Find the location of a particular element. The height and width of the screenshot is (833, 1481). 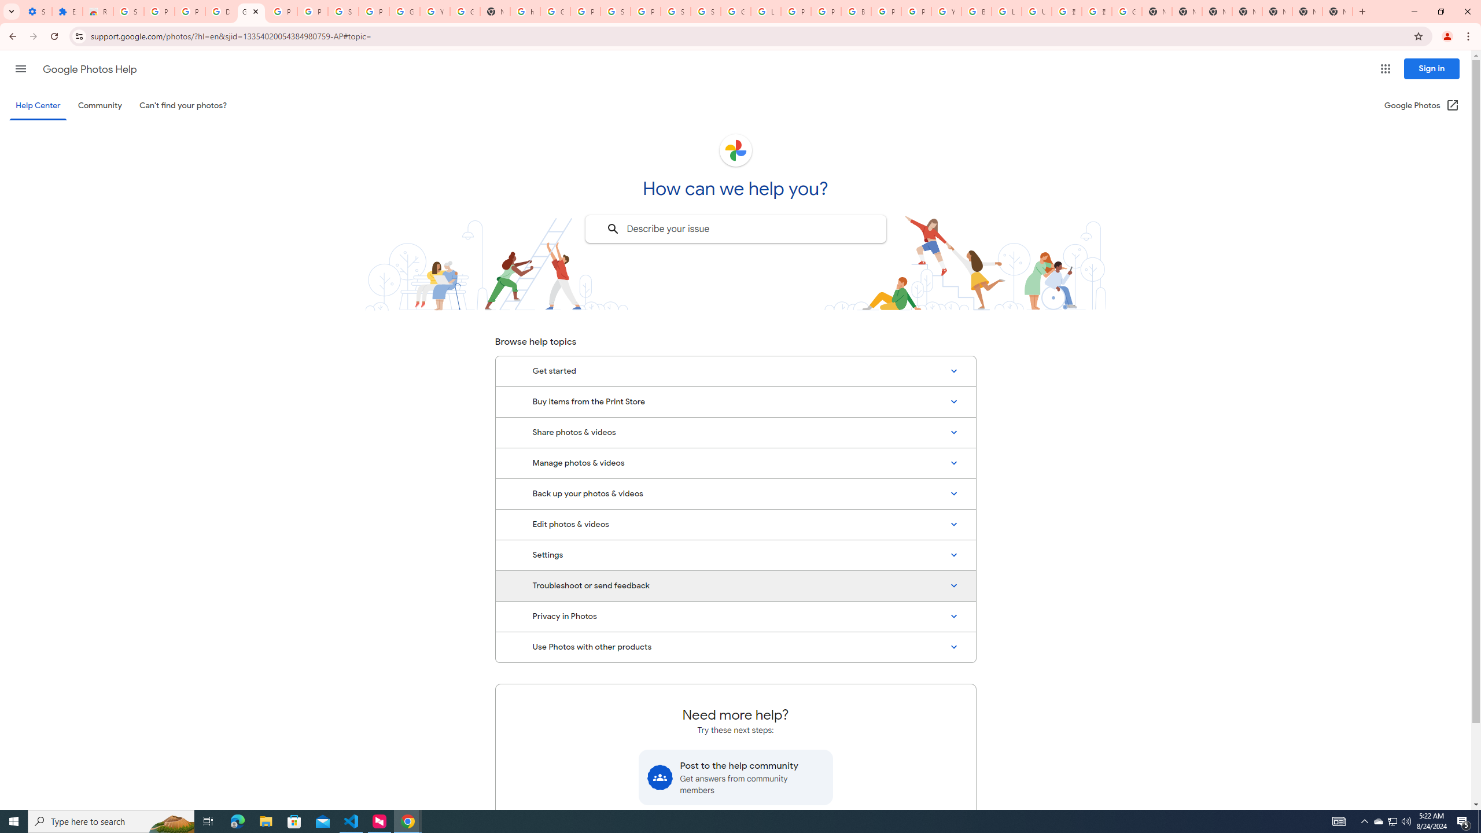

'Use Photos with other products' is located at coordinates (735, 647).